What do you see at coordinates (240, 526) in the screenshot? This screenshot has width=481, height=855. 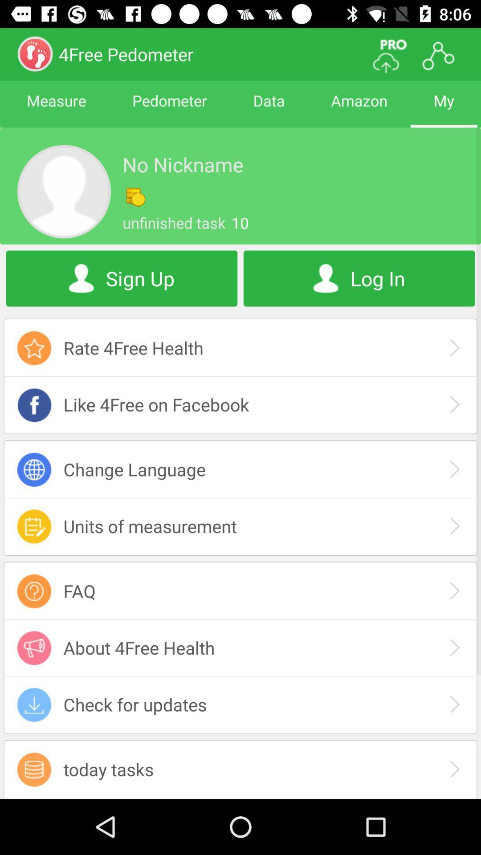 I see `the units of measurement app` at bounding box center [240, 526].